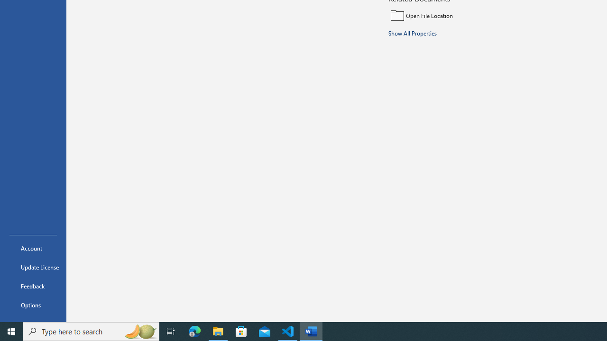 The width and height of the screenshot is (607, 341). What do you see at coordinates (33, 267) in the screenshot?
I see `'Update License'` at bounding box center [33, 267].